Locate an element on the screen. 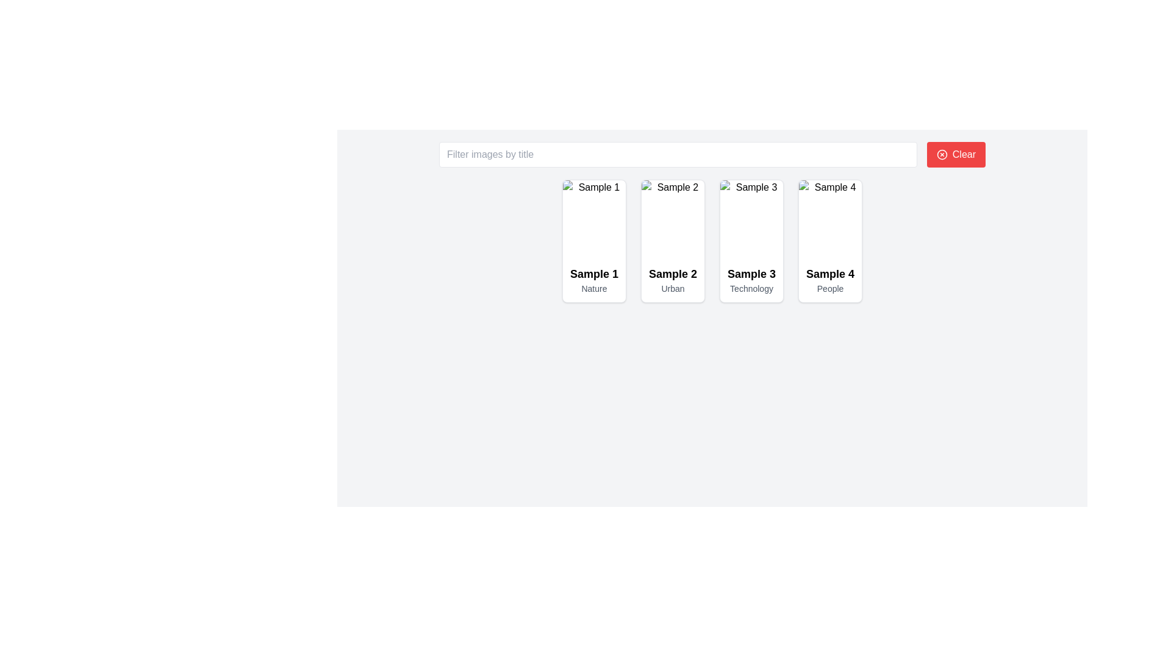 This screenshot has height=658, width=1171. the Text Display element that shows information for the 'Sample 4' card, located in the bottom half of the card, below the image section is located at coordinates (829, 280).